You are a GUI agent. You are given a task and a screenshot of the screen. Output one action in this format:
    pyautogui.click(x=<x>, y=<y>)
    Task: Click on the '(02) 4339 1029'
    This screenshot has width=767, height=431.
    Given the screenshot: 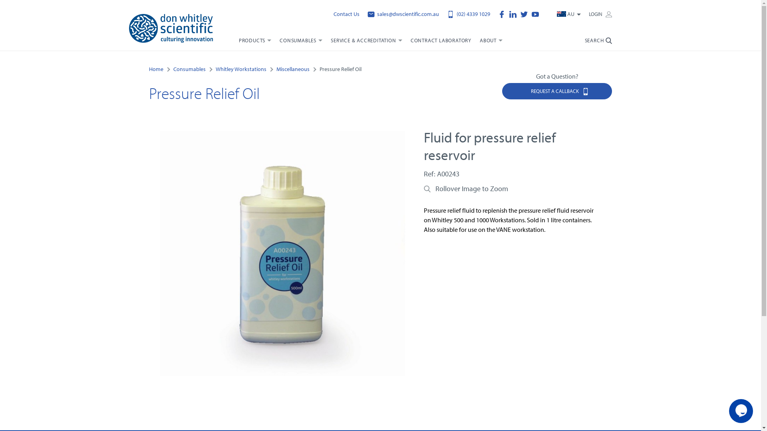 What is the action you would take?
    pyautogui.click(x=468, y=14)
    